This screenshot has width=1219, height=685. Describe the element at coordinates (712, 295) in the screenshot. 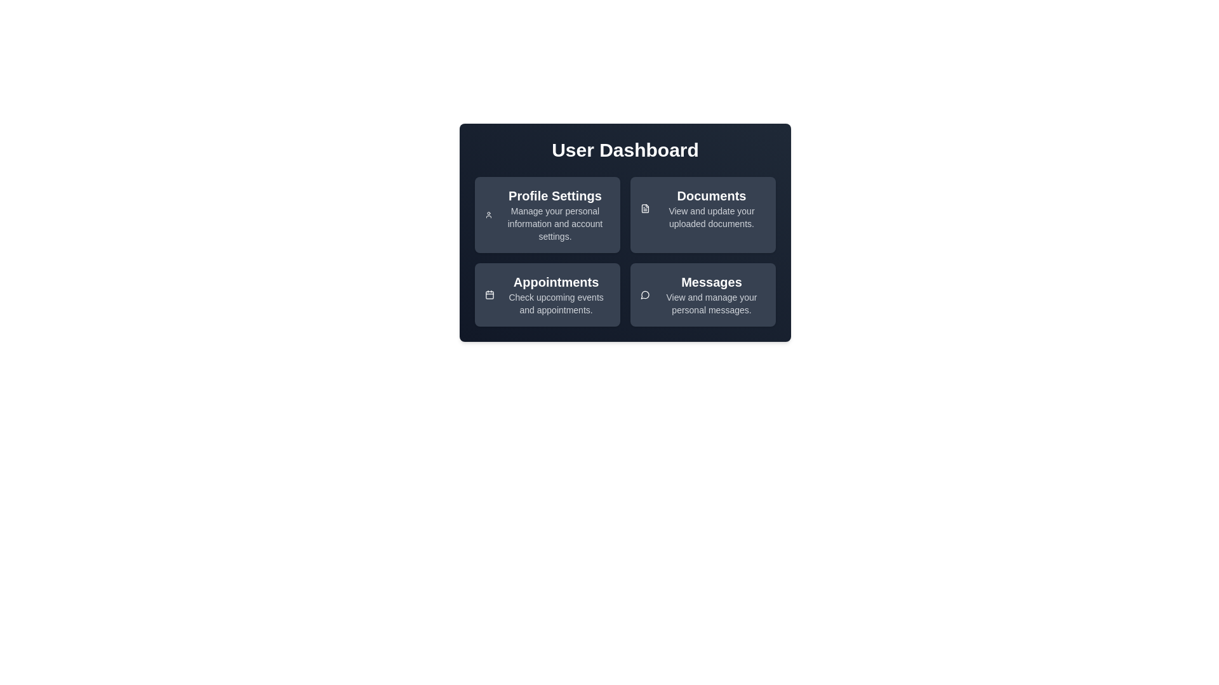

I see `the 'Messages' card to view and interact with your messages` at that location.